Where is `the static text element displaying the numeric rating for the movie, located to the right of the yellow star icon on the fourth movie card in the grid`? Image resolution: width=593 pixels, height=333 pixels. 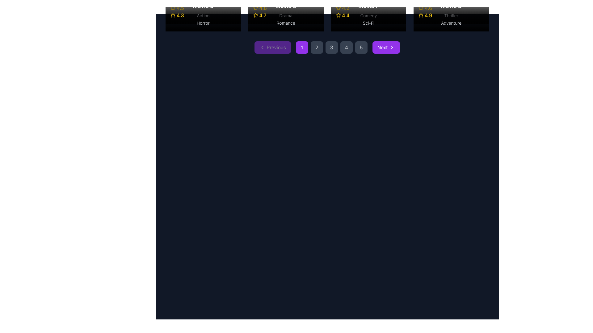
the static text element displaying the numeric rating for the movie, located to the right of the yellow star icon on the fourth movie card in the grid is located at coordinates (345, 15).